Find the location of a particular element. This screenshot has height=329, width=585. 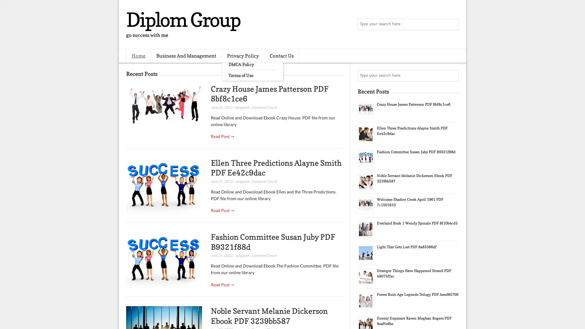

Search is located at coordinates (452, 24).